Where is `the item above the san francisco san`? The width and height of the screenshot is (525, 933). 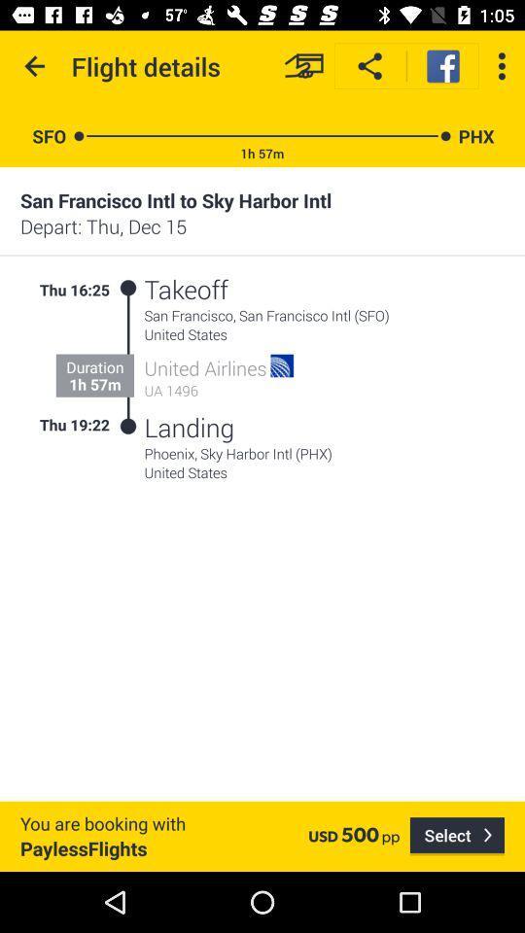 the item above the san francisco san is located at coordinates (292, 288).